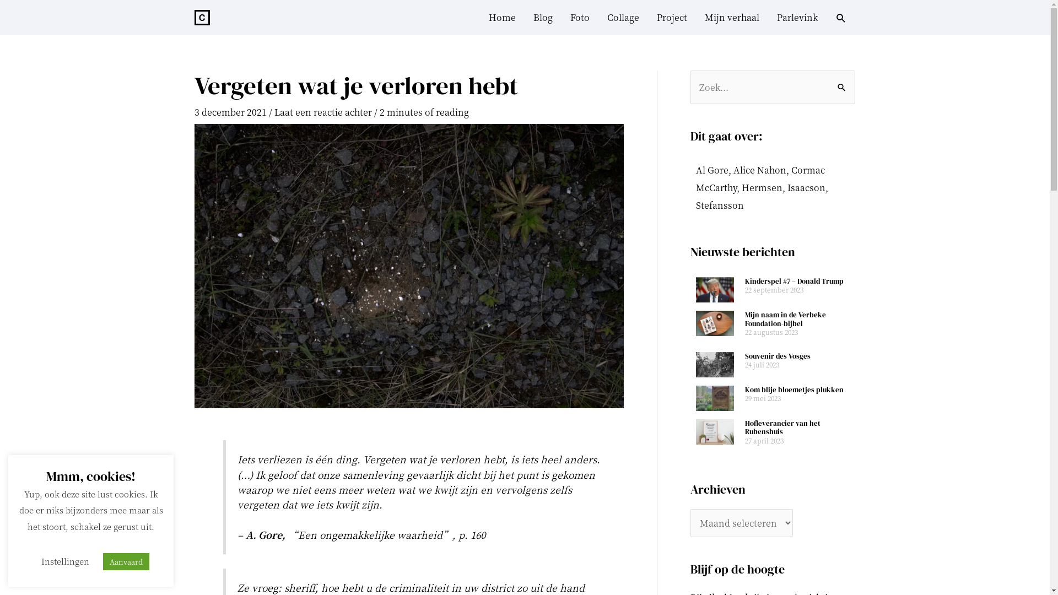  What do you see at coordinates (745, 389) in the screenshot?
I see `'Kom blije bloemetjes plukken'` at bounding box center [745, 389].